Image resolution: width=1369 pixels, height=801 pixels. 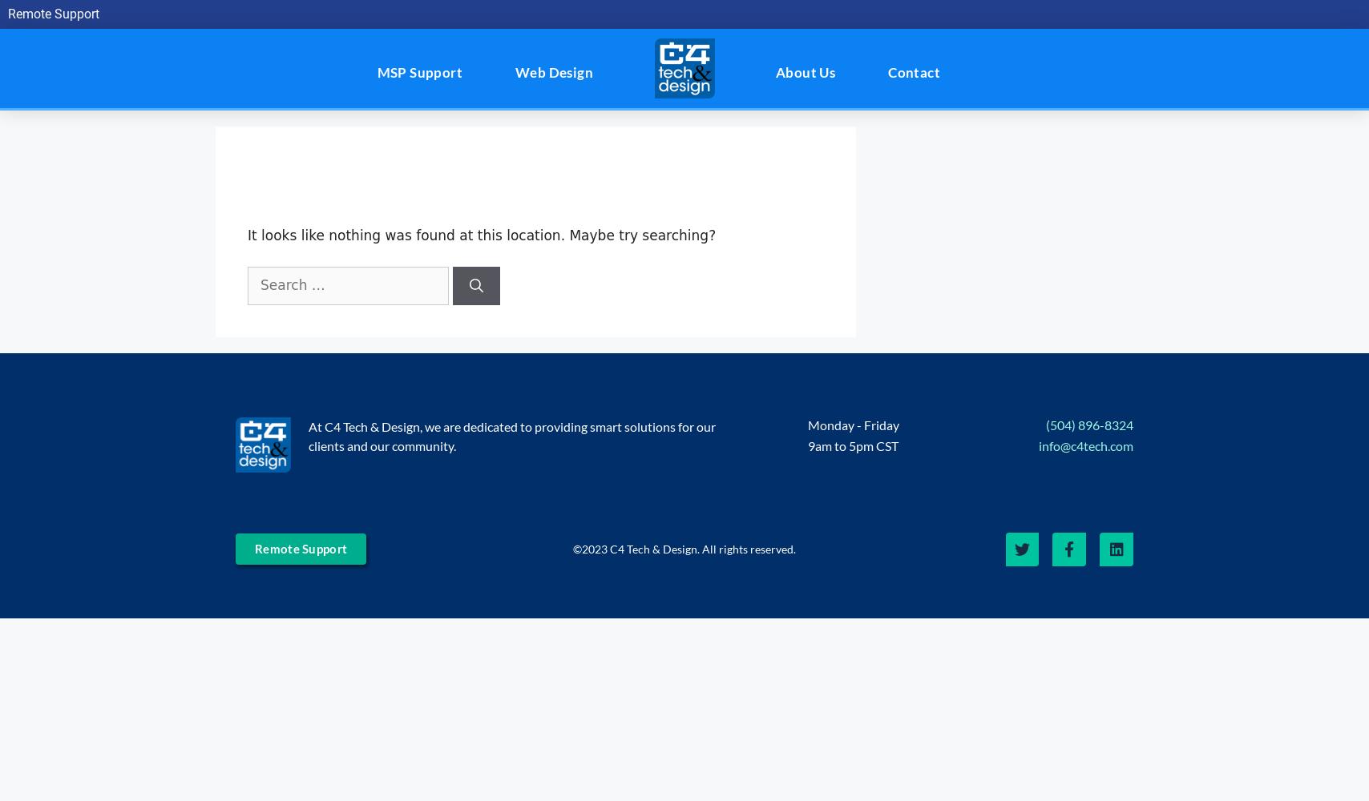 I want to click on 'Monday - Friday', so click(x=807, y=424).